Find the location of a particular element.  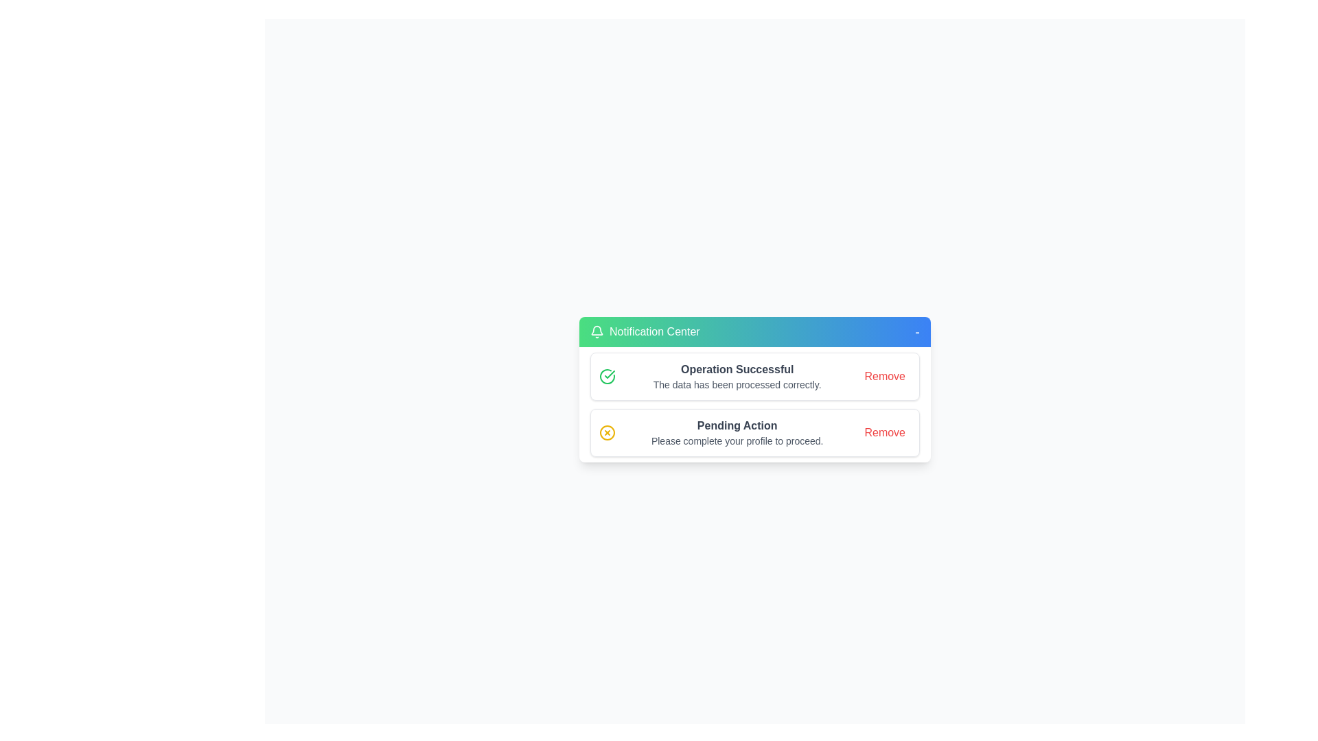

title 'Pending Action' and the description 'Please complete your profile to proceed.' from the second notification card in the Notification Center is located at coordinates (754, 433).